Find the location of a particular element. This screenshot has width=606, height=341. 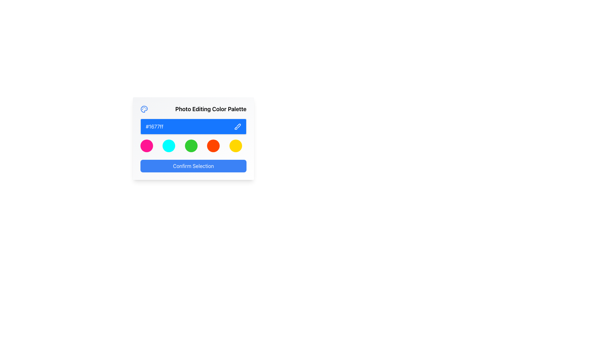

the third circular color selection button in the color palette is located at coordinates (191, 146).